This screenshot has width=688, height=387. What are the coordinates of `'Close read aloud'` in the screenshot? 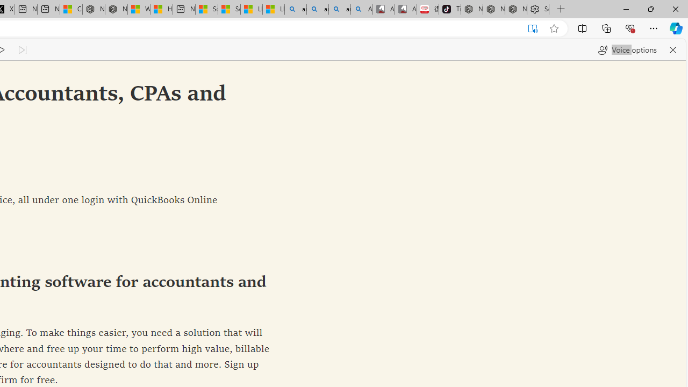 It's located at (672, 49).